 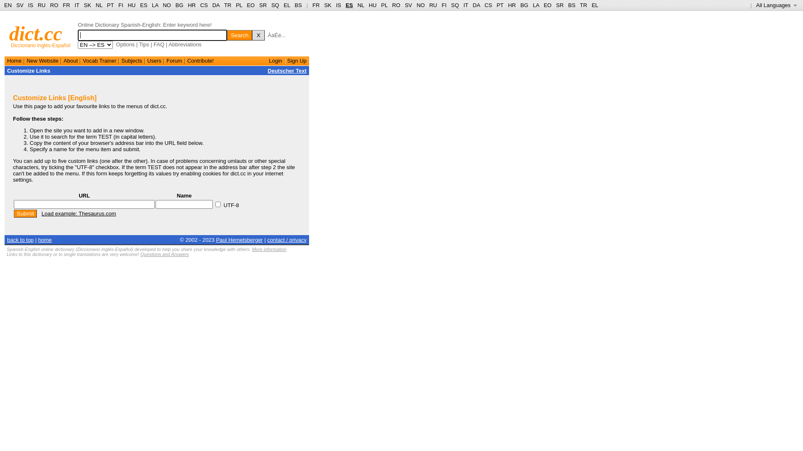 What do you see at coordinates (201, 60) in the screenshot?
I see `'Contribute!'` at bounding box center [201, 60].